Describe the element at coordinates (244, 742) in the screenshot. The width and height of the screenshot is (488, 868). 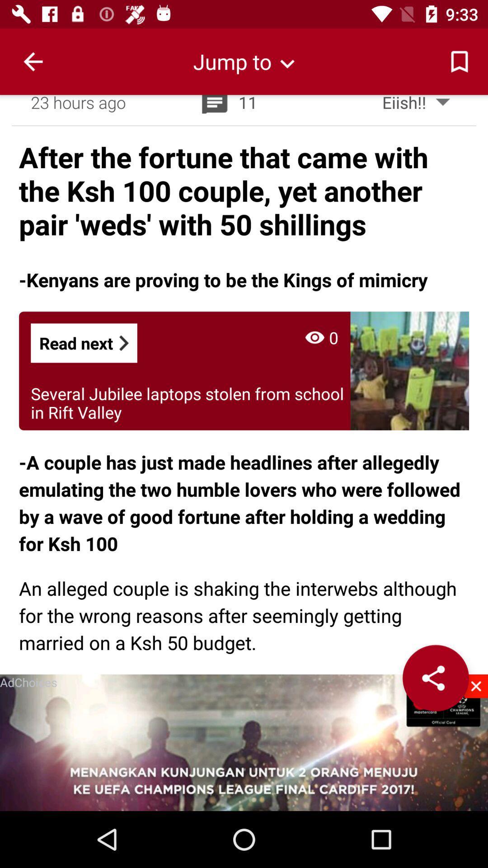
I see `a video` at that location.